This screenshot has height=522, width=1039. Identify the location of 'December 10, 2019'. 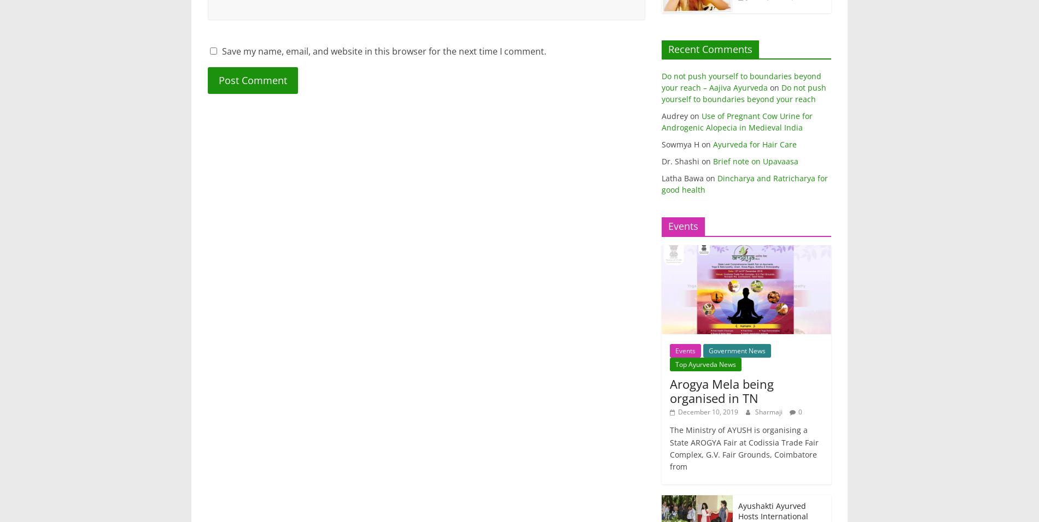
(708, 411).